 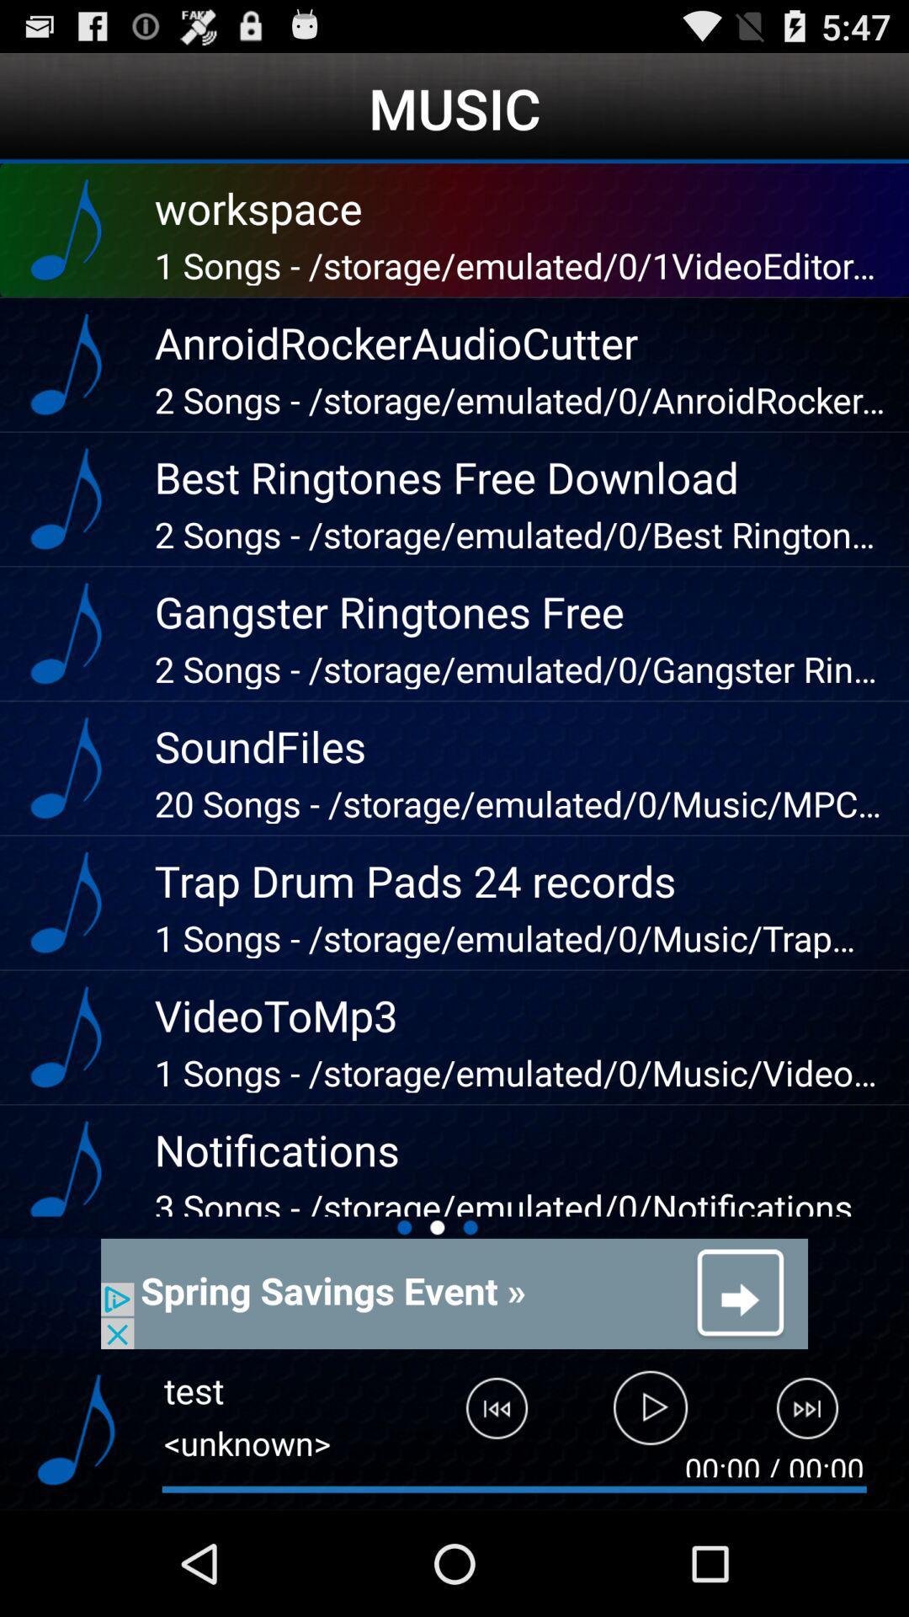 What do you see at coordinates (76, 1530) in the screenshot?
I see `the music icon` at bounding box center [76, 1530].